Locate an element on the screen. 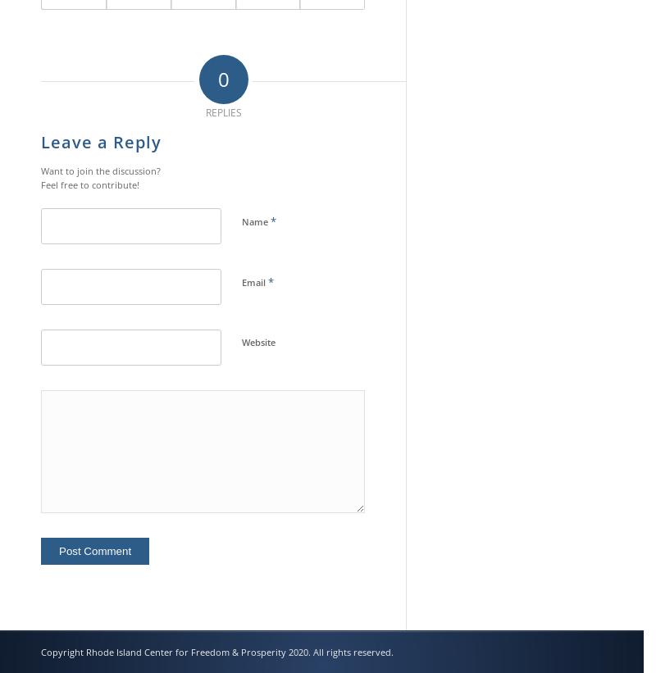  'replies' is located at coordinates (223, 111).